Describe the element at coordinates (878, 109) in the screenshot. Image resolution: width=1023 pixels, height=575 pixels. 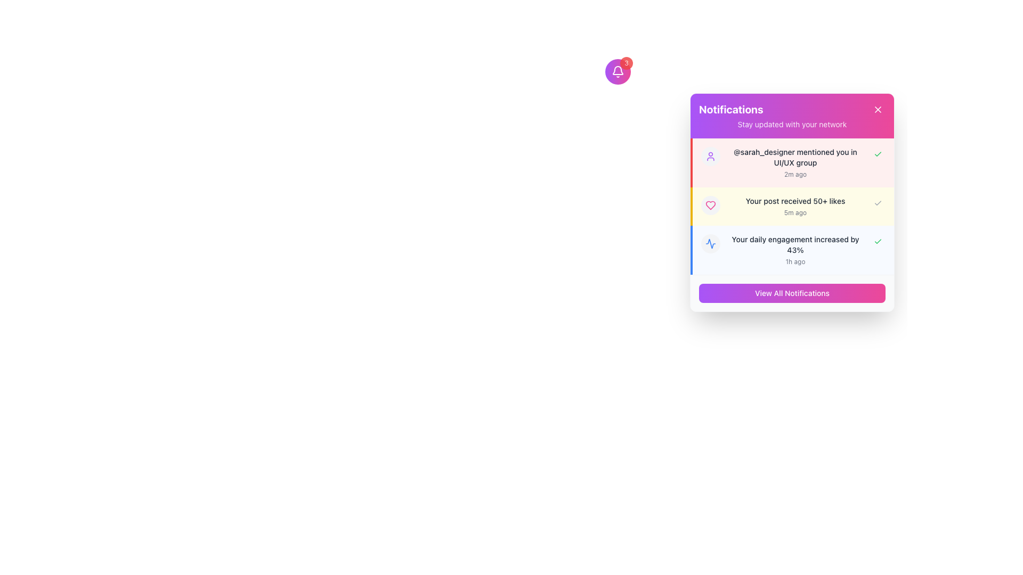
I see `the close button located at the top-right corner of the notification panel` at that location.